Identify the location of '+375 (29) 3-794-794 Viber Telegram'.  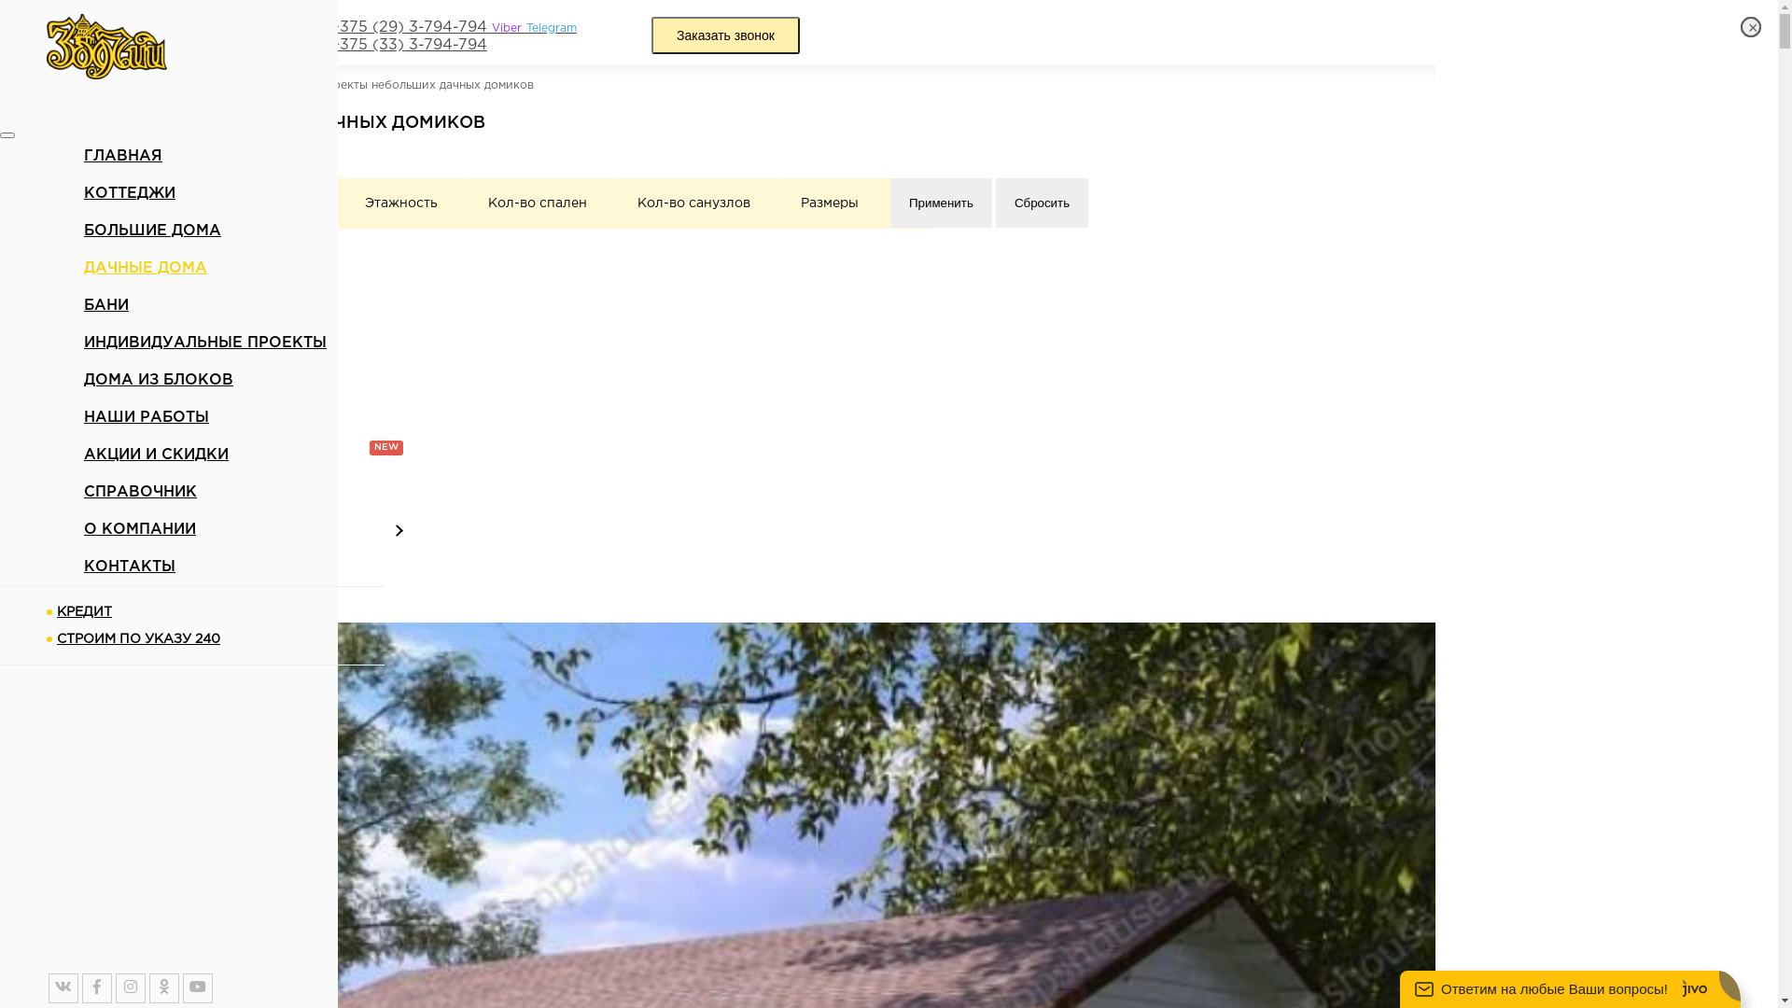
(453, 27).